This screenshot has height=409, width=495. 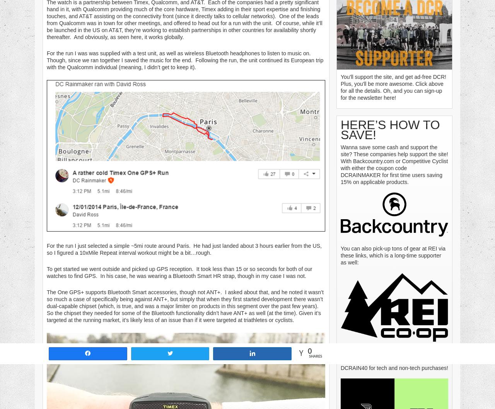 What do you see at coordinates (393, 87) in the screenshot?
I see `'You'll support the site, and get ad-free DCR! Plus, you'll be more awesome. Click above for all the details.  Oh, and you can sign-up for the newsletter here!'` at bounding box center [393, 87].